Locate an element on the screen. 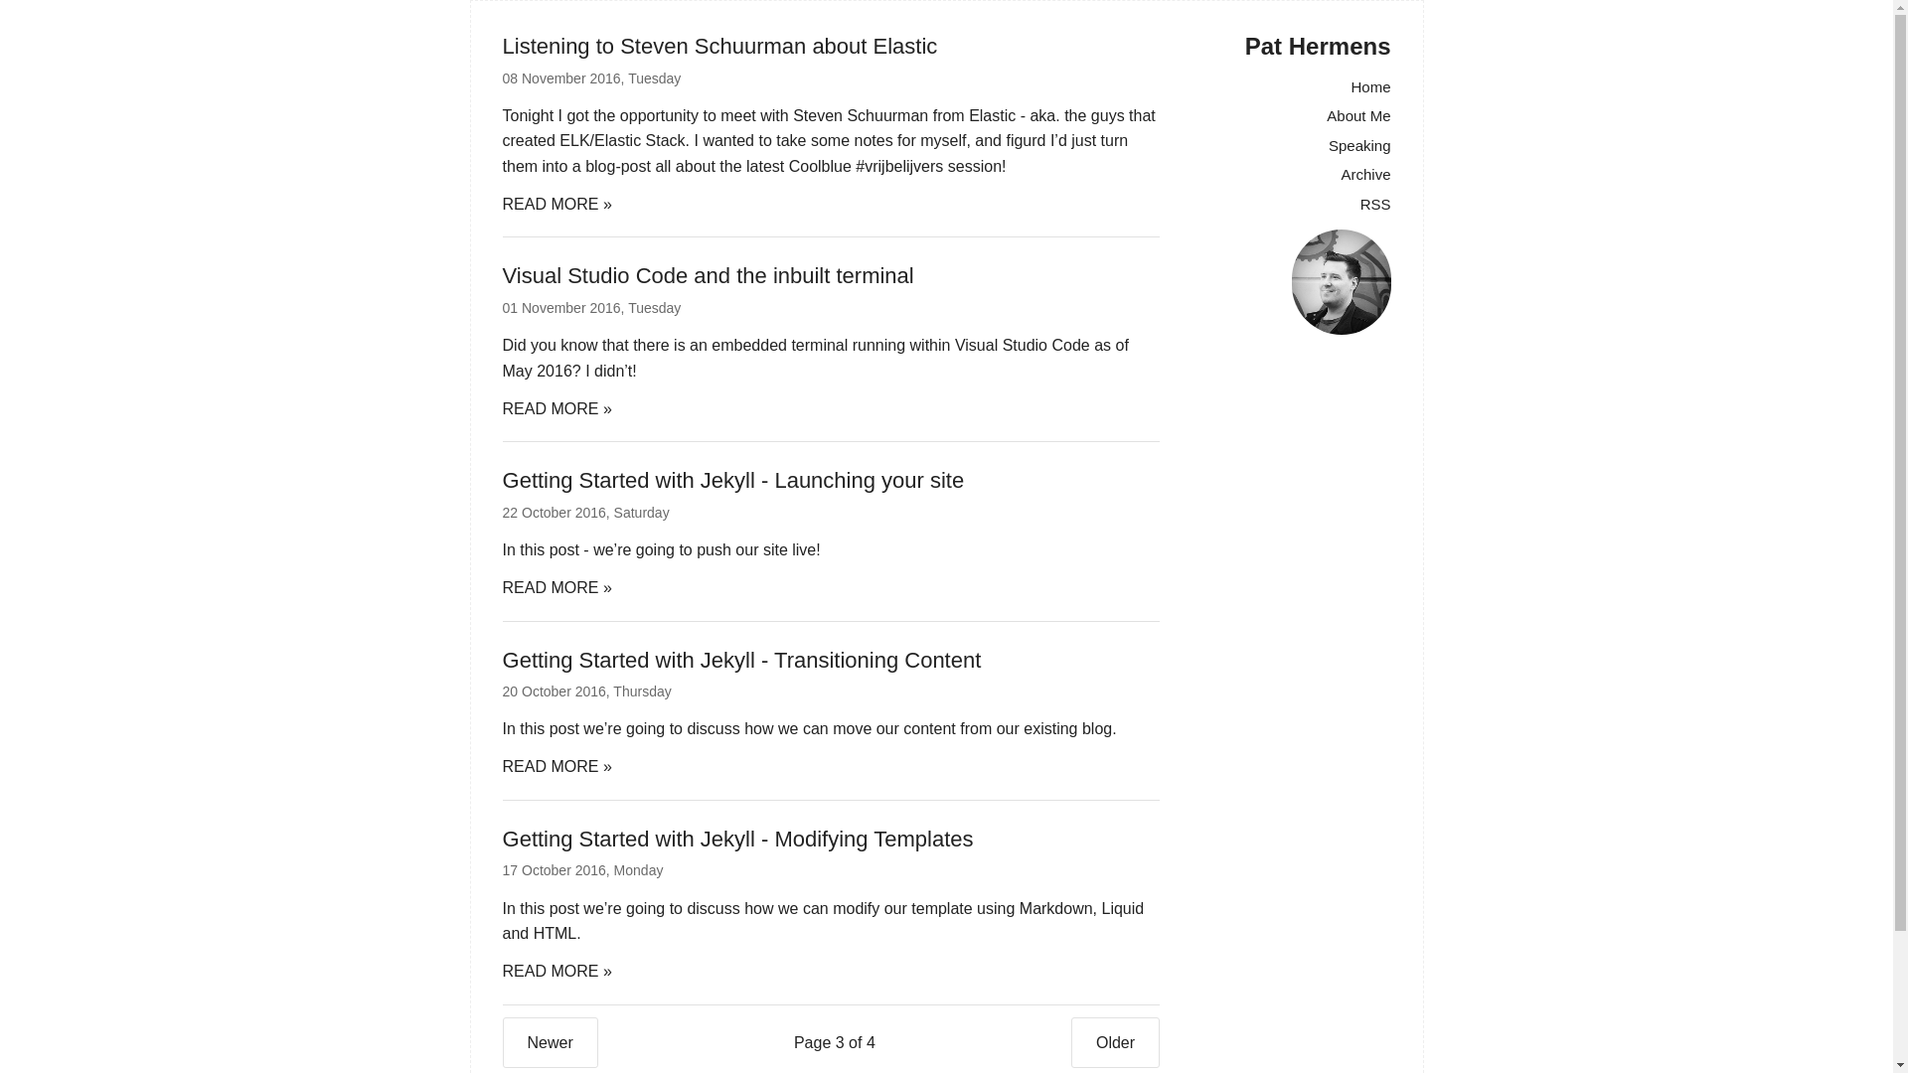 The width and height of the screenshot is (1908, 1073). 'Getting Started with Jekyll - Launching your site' is located at coordinates (732, 480).